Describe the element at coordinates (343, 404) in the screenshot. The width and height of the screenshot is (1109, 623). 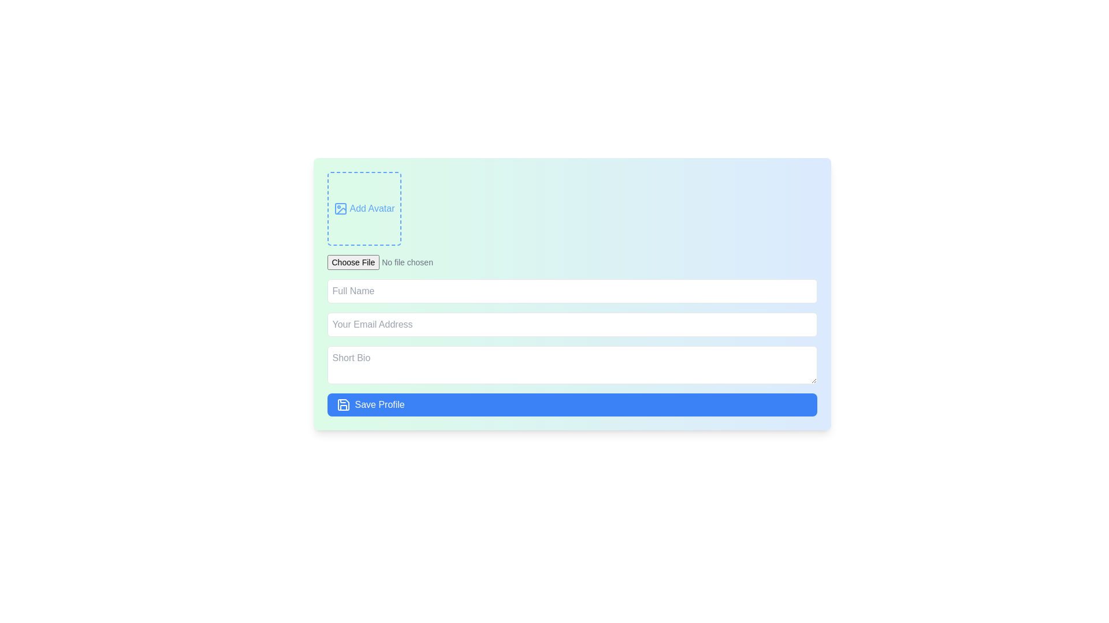
I see `the save icon located inside the 'Save Profile' button, positioned near the bottom center of the interface, adjacent to the button's text` at that location.